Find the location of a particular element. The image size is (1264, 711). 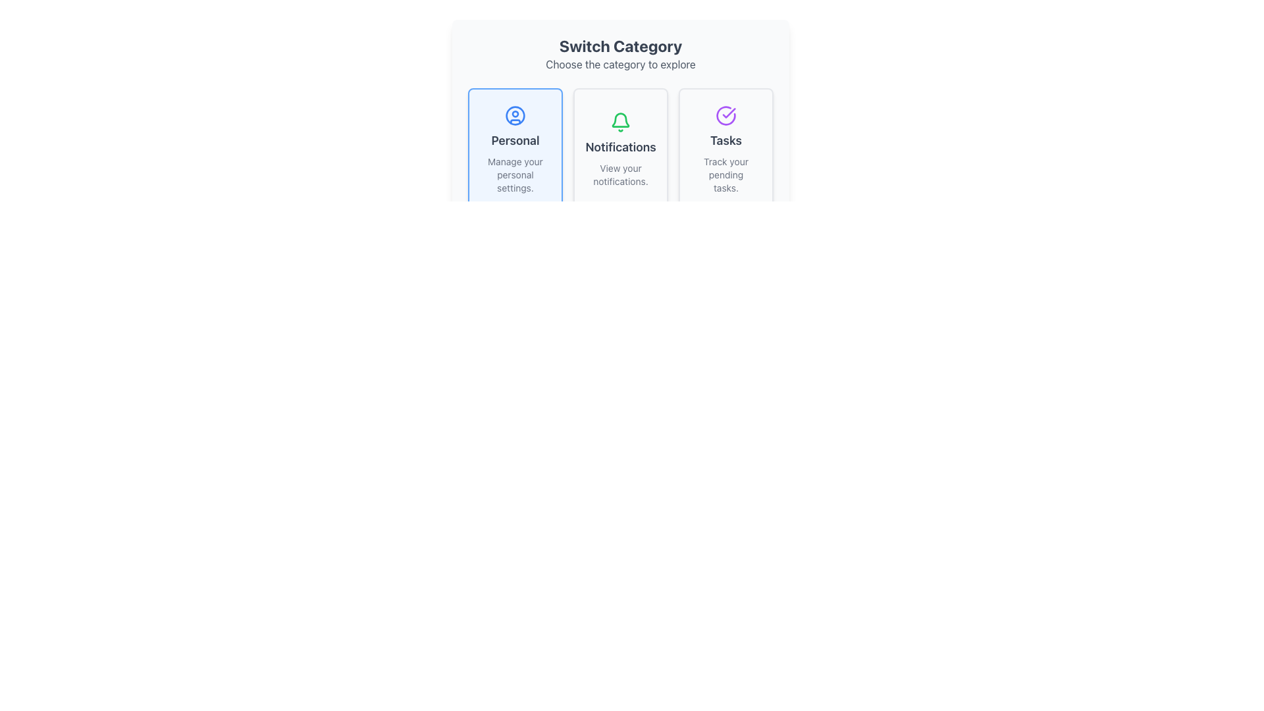

the notification icon within the 'Notifications' card, which is centered below the title 'Notifications' is located at coordinates (619, 120).